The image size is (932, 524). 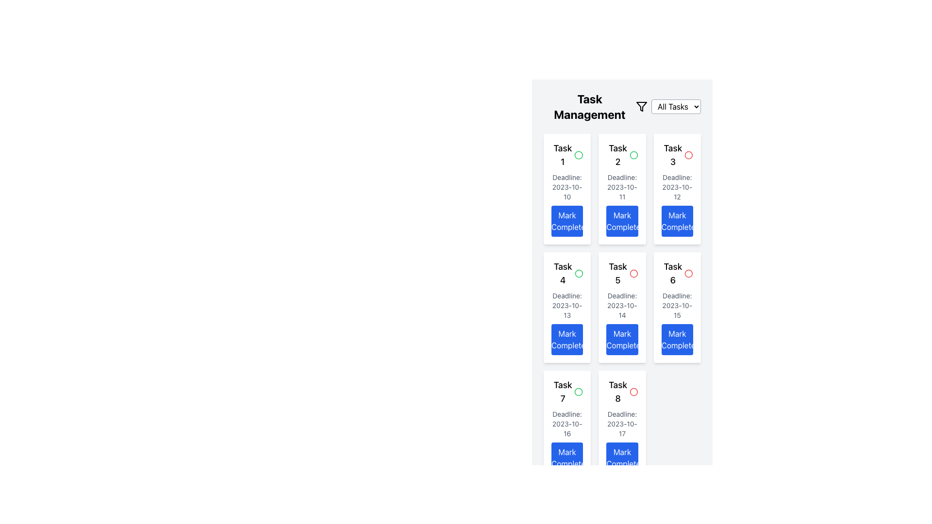 What do you see at coordinates (622, 273) in the screenshot?
I see `the Text Label that serves as the title or identifier of the associated task within the 'Task 5' card, which is located in the second row and third column of the grid layout` at bounding box center [622, 273].